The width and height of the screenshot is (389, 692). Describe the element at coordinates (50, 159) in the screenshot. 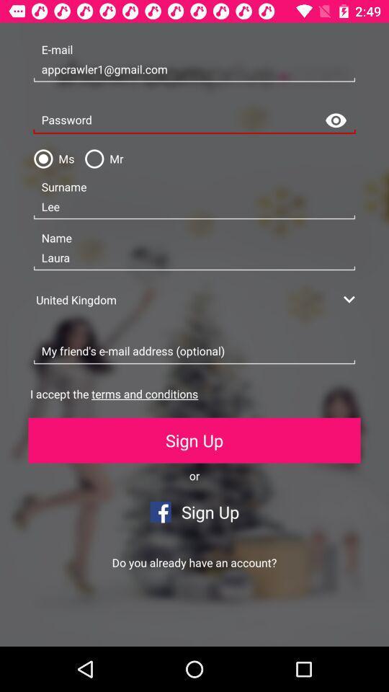

I see `the icon to the left of the mr item` at that location.